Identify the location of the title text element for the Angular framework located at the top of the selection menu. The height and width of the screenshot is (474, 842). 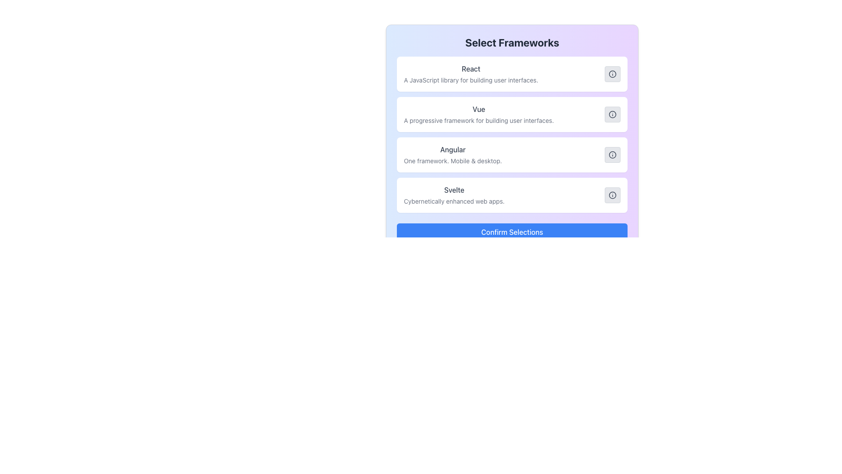
(453, 149).